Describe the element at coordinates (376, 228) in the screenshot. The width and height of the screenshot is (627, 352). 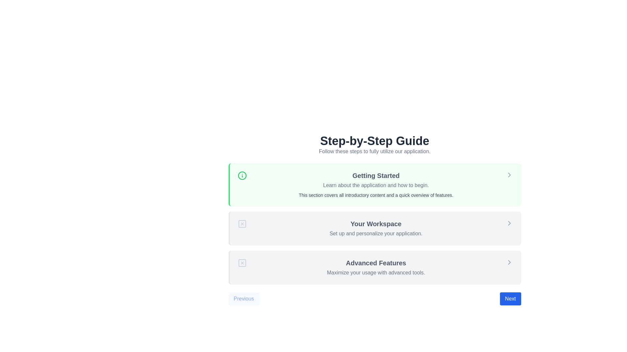
I see `description 'Set up and personalize your application.' from the text block titled 'Your Workspace', which is styled in a smaller, regular font and centered within its section` at that location.